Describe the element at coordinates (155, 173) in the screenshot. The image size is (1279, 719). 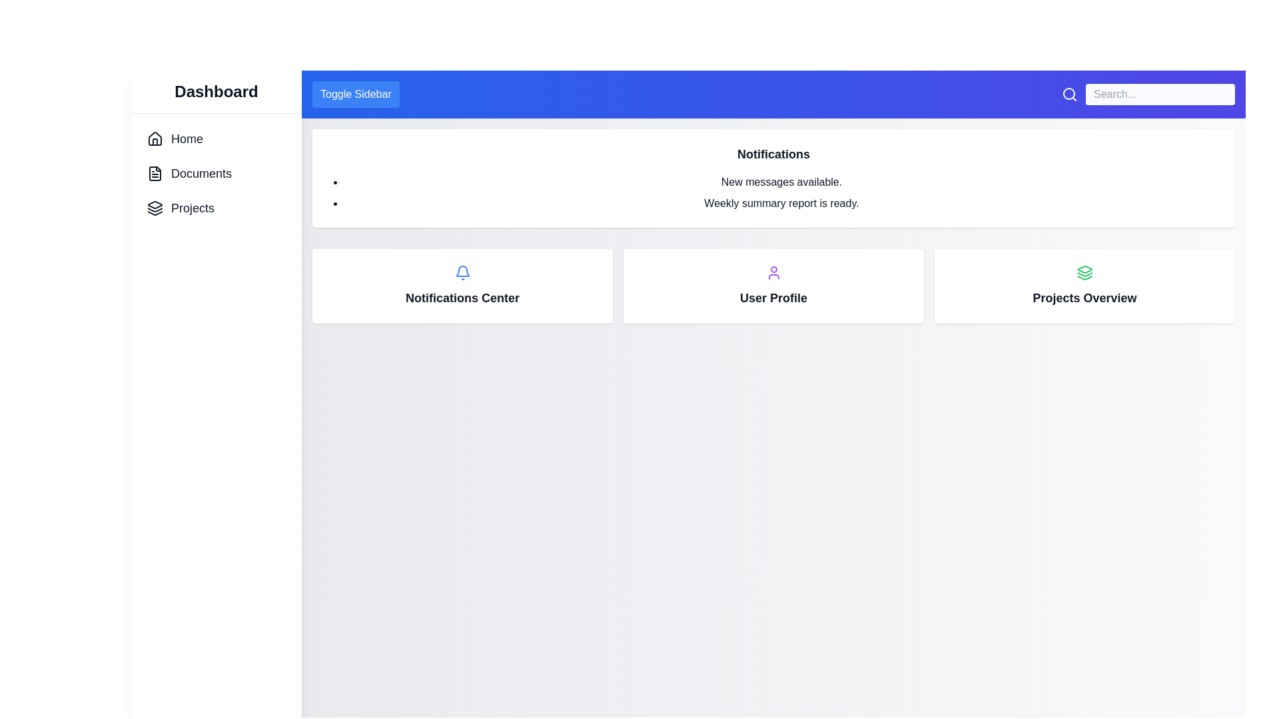
I see `the 'Documents' icon located in the left sidebar of the application, positioned between the 'Home' and 'Projects' icons` at that location.